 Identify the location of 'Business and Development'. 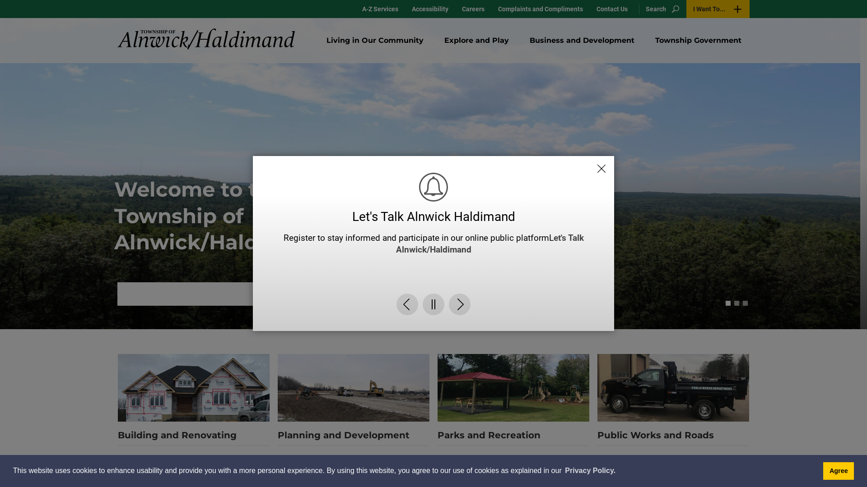
(582, 40).